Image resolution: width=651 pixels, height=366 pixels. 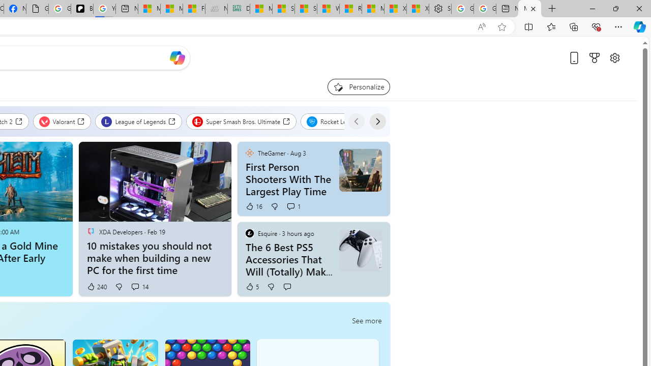 I want to click on 'Microsoft rewards', so click(x=595, y=58).